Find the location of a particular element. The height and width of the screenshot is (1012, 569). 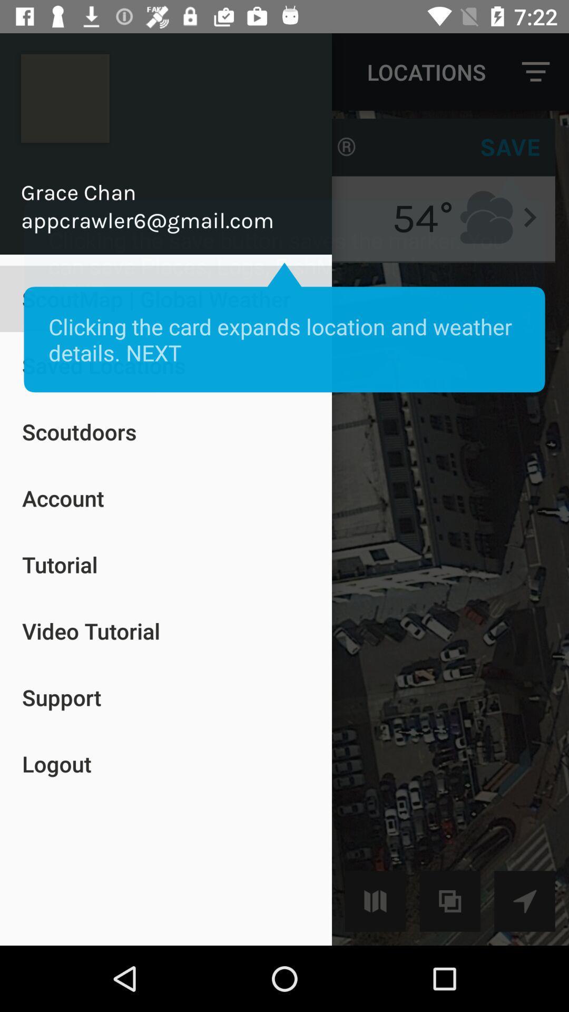

the copy icon is located at coordinates (450, 900).